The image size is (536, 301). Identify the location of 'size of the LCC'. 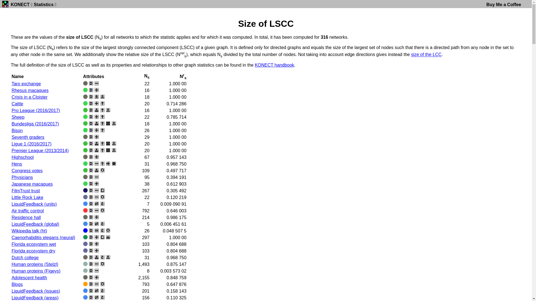
(411, 55).